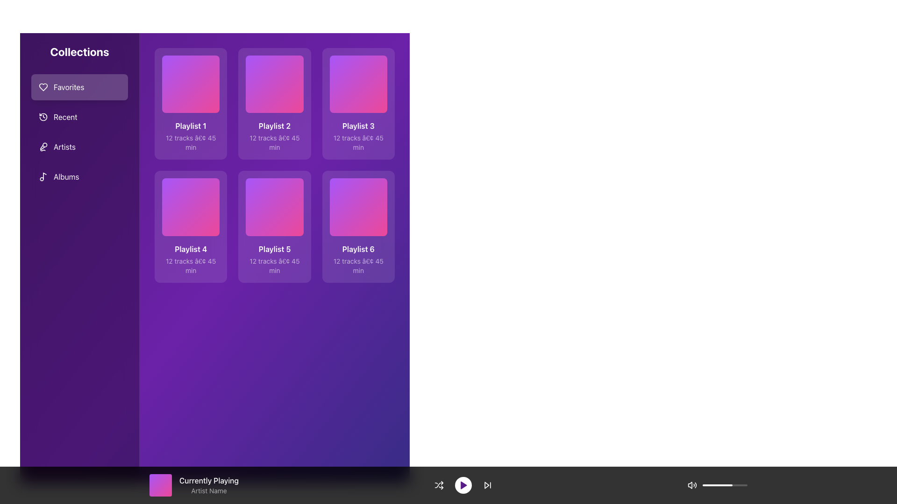 Image resolution: width=897 pixels, height=504 pixels. What do you see at coordinates (64, 147) in the screenshot?
I see `the 'Artists' label in the navigation menu, which is styled with white bold sans-serif text on a dark purple background, positioned between 'Recent' and 'Albums'` at bounding box center [64, 147].